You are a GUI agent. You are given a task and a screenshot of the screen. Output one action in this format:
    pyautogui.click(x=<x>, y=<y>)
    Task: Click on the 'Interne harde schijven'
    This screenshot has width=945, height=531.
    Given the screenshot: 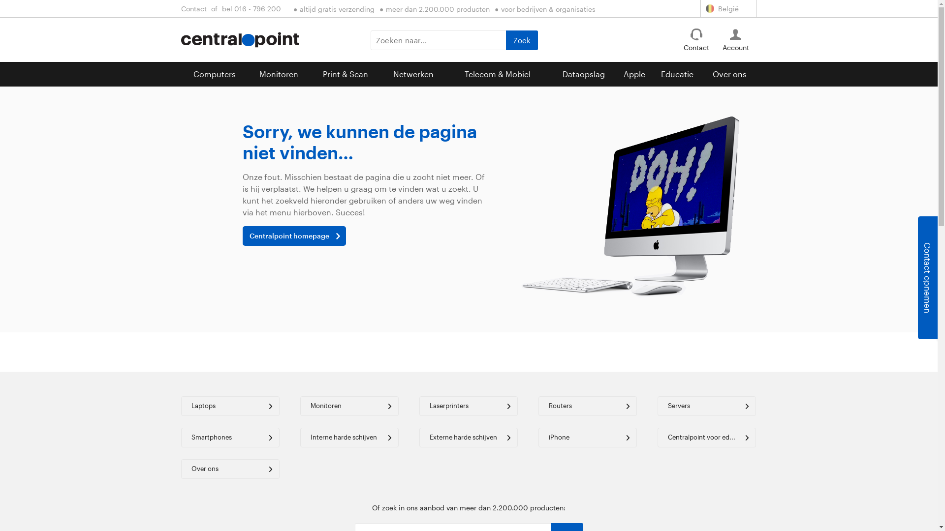 What is the action you would take?
    pyautogui.click(x=349, y=437)
    